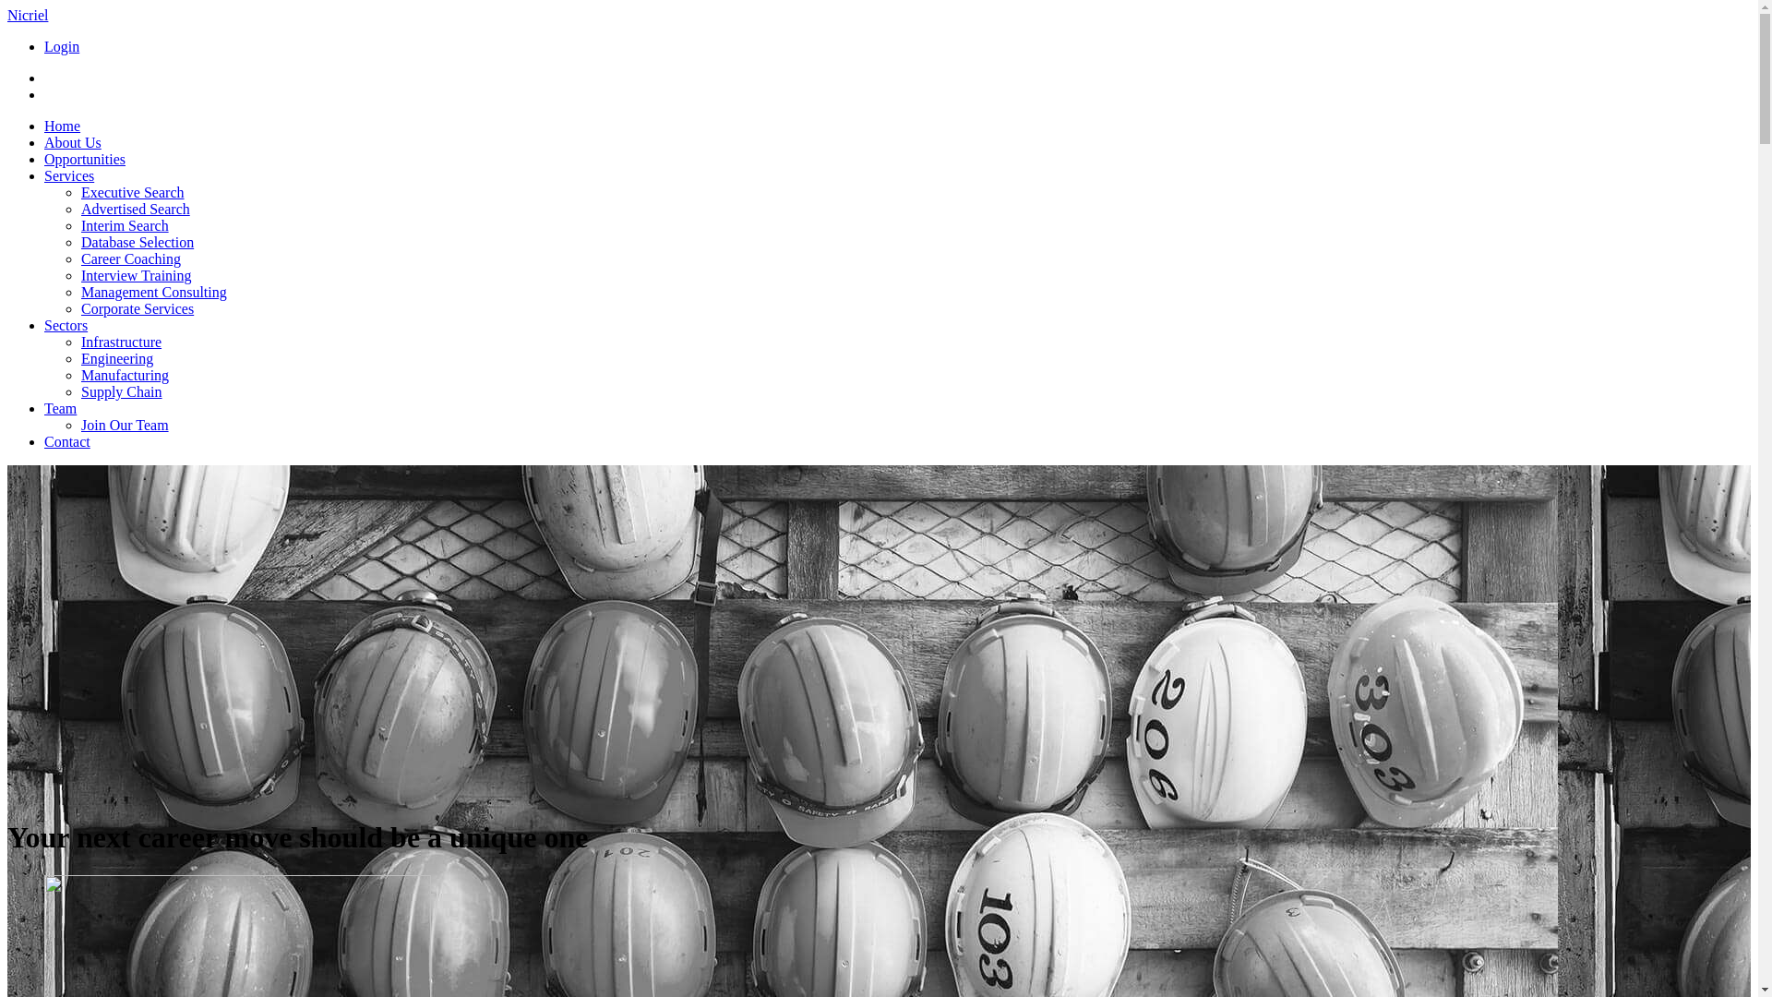 The height and width of the screenshot is (997, 1772). I want to click on 'Supply Chain', so click(120, 390).